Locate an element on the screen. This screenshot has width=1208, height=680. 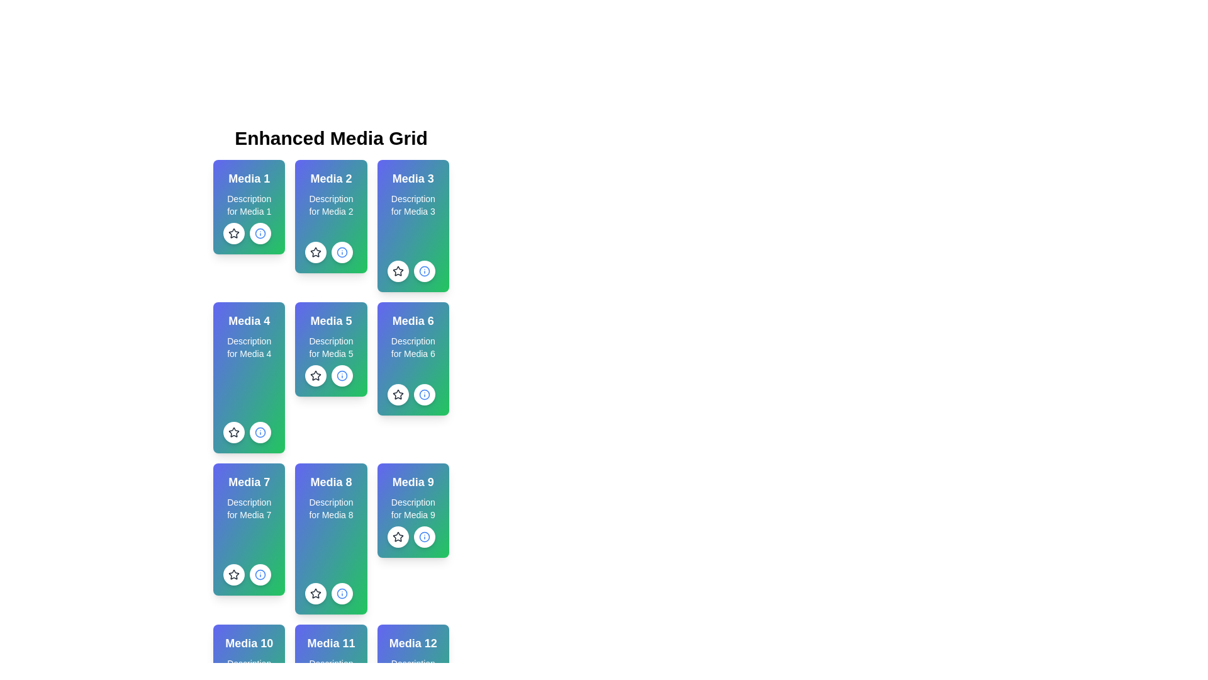
the text label displaying 'Media 10' which is styled in large, bold, white font, positioned in the bottom-left corner of the grid above 'Description for Media 10' is located at coordinates (249, 643).